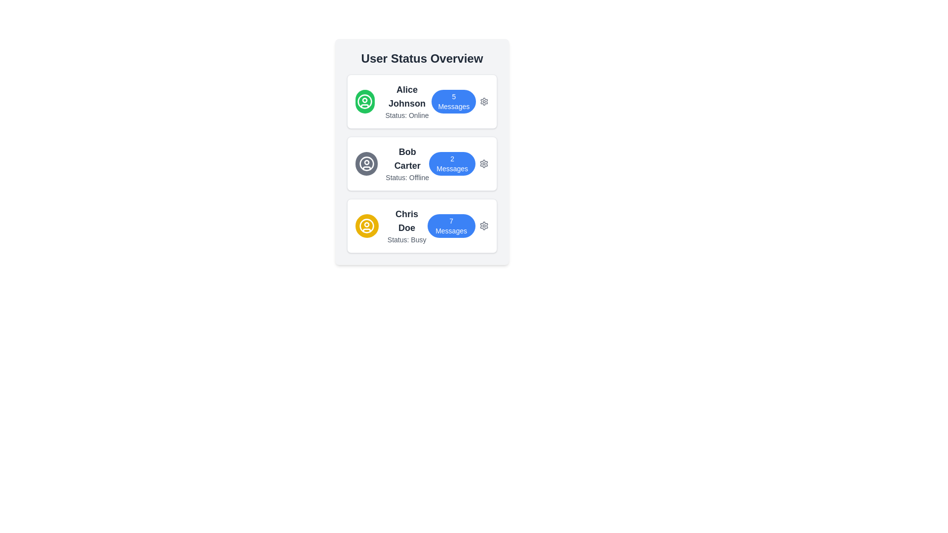 The width and height of the screenshot is (948, 533). I want to click on the user icon representing 'Bob Carter', which is a circular icon with a person inside, located in the second position of a vertically stacked list, so click(366, 163).